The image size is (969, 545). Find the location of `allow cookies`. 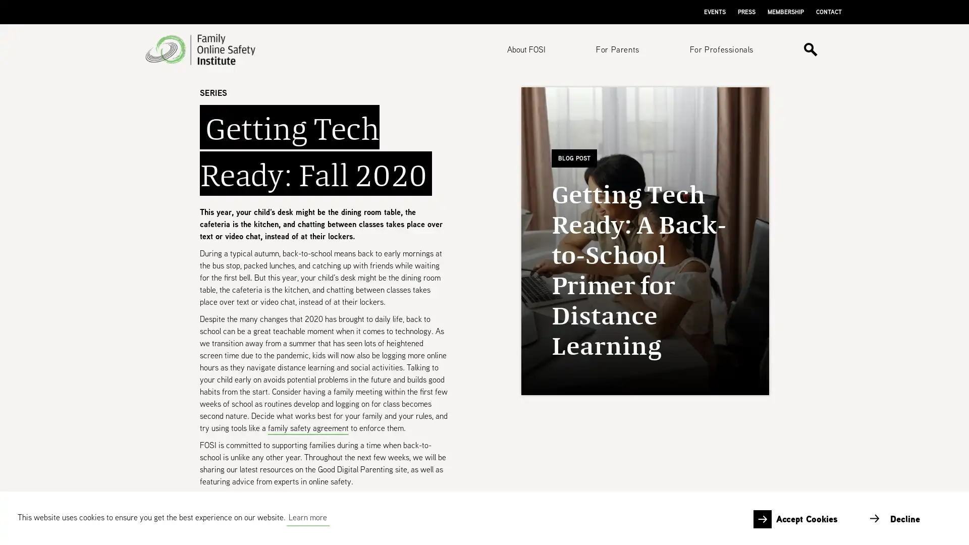

allow cookies is located at coordinates (795, 518).